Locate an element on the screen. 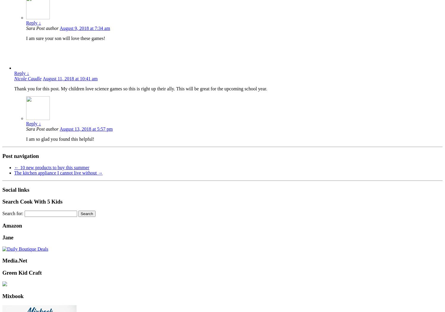 The width and height of the screenshot is (445, 312). 'Search Cook With 5 Kids' is located at coordinates (32, 201).